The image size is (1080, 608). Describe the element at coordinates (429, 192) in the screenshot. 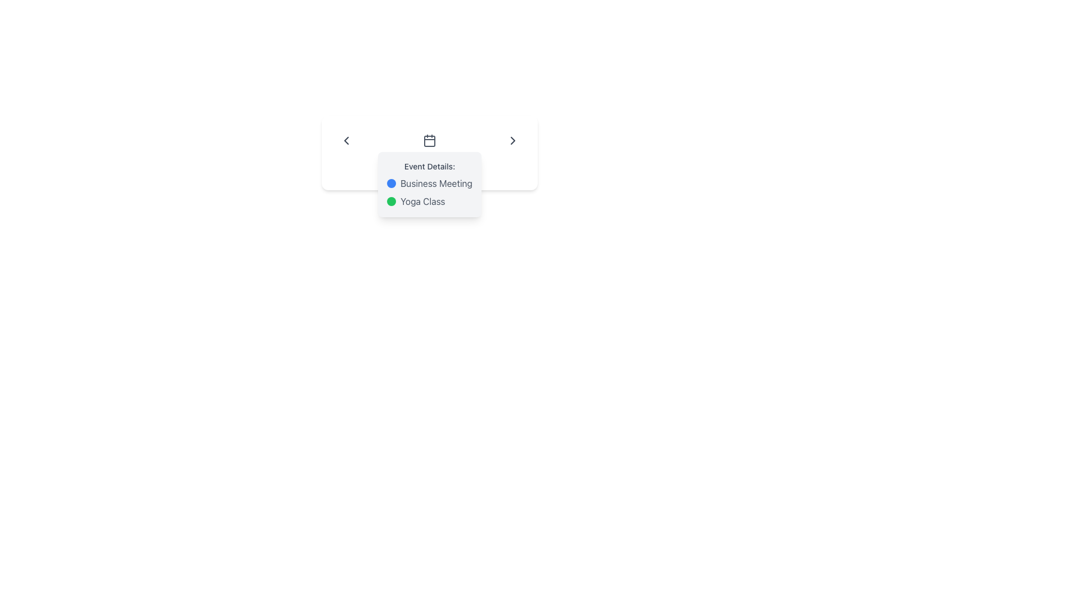

I see `the List with icon-label pairs located within the light-gray modal popup below the title 'Event Details:' to focus it` at that location.